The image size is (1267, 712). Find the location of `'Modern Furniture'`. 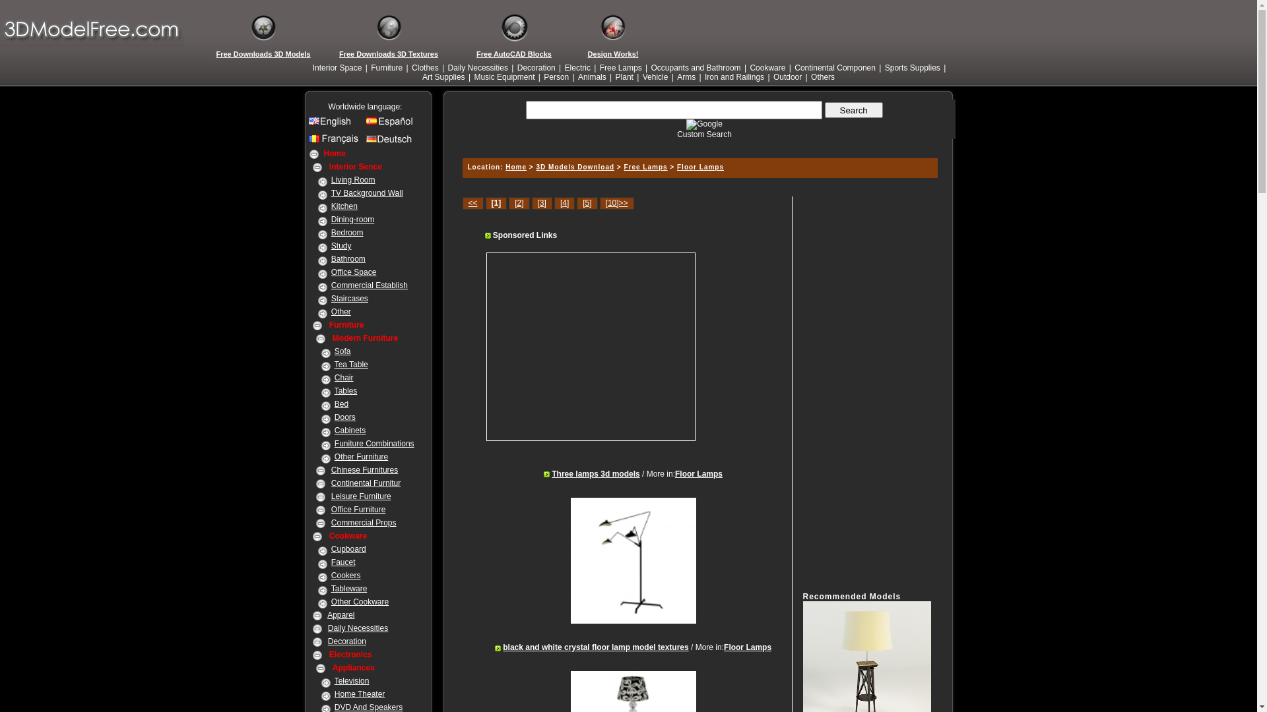

'Modern Furniture' is located at coordinates (365, 338).